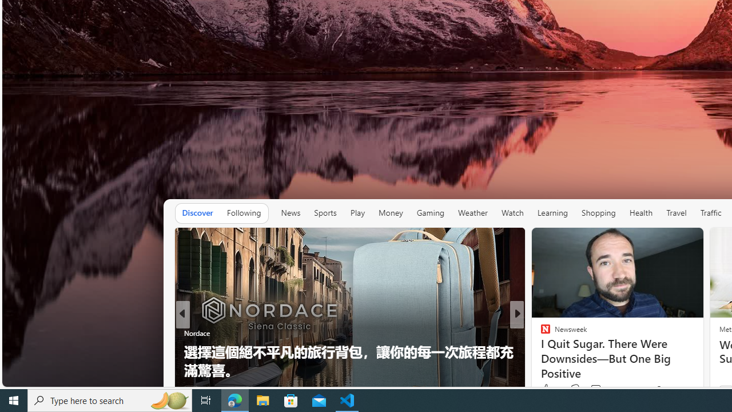 The height and width of the screenshot is (412, 732). What do you see at coordinates (429, 213) in the screenshot?
I see `'Gaming'` at bounding box center [429, 213].